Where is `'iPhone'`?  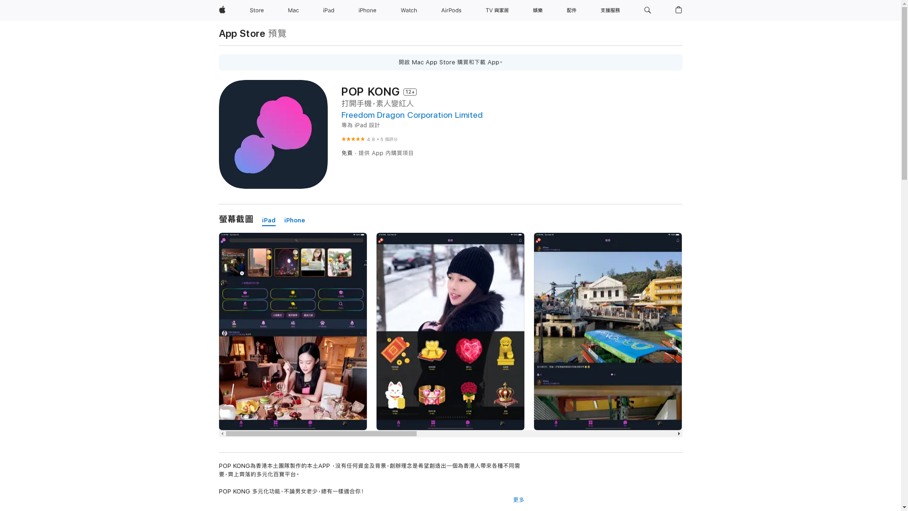
'iPhone' is located at coordinates (294, 220).